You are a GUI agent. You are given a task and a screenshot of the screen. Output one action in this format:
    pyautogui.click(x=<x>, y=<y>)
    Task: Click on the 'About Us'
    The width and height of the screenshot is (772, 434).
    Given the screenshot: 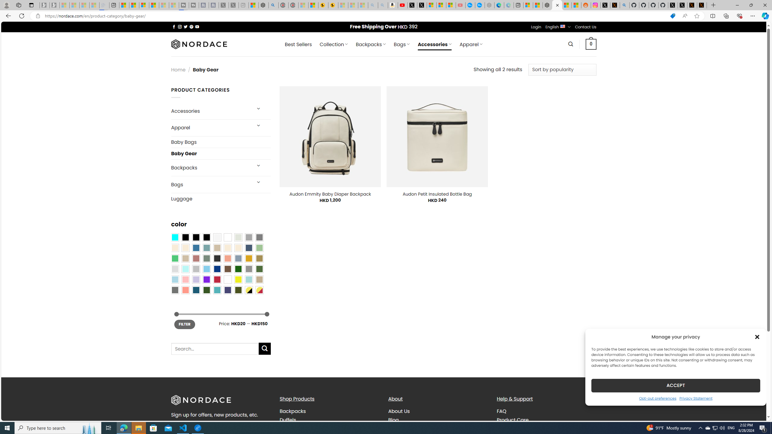 What is the action you would take?
    pyautogui.click(x=399, y=411)
    